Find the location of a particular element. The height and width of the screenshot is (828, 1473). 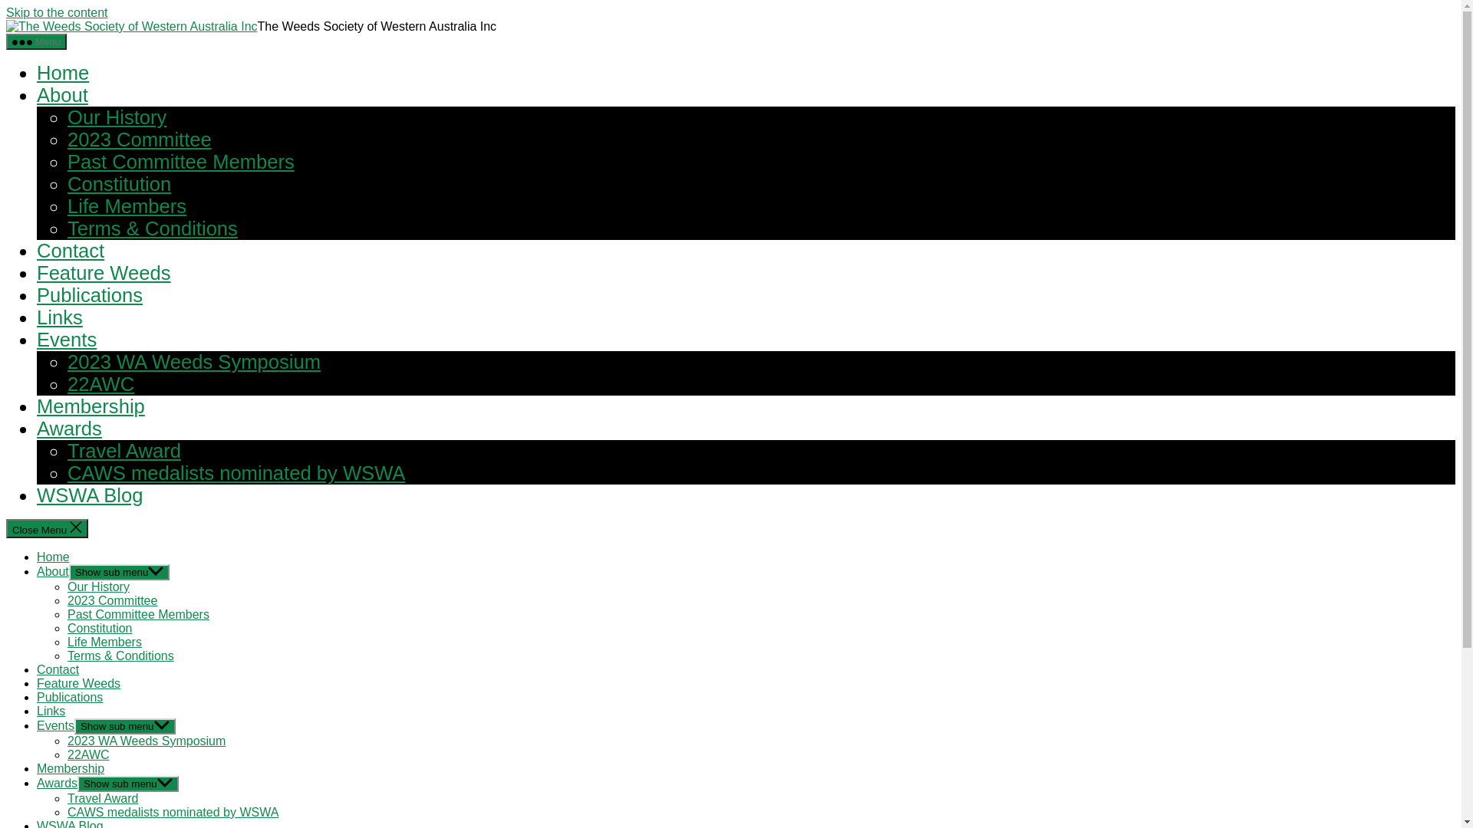

'Our History' is located at coordinates (116, 117).